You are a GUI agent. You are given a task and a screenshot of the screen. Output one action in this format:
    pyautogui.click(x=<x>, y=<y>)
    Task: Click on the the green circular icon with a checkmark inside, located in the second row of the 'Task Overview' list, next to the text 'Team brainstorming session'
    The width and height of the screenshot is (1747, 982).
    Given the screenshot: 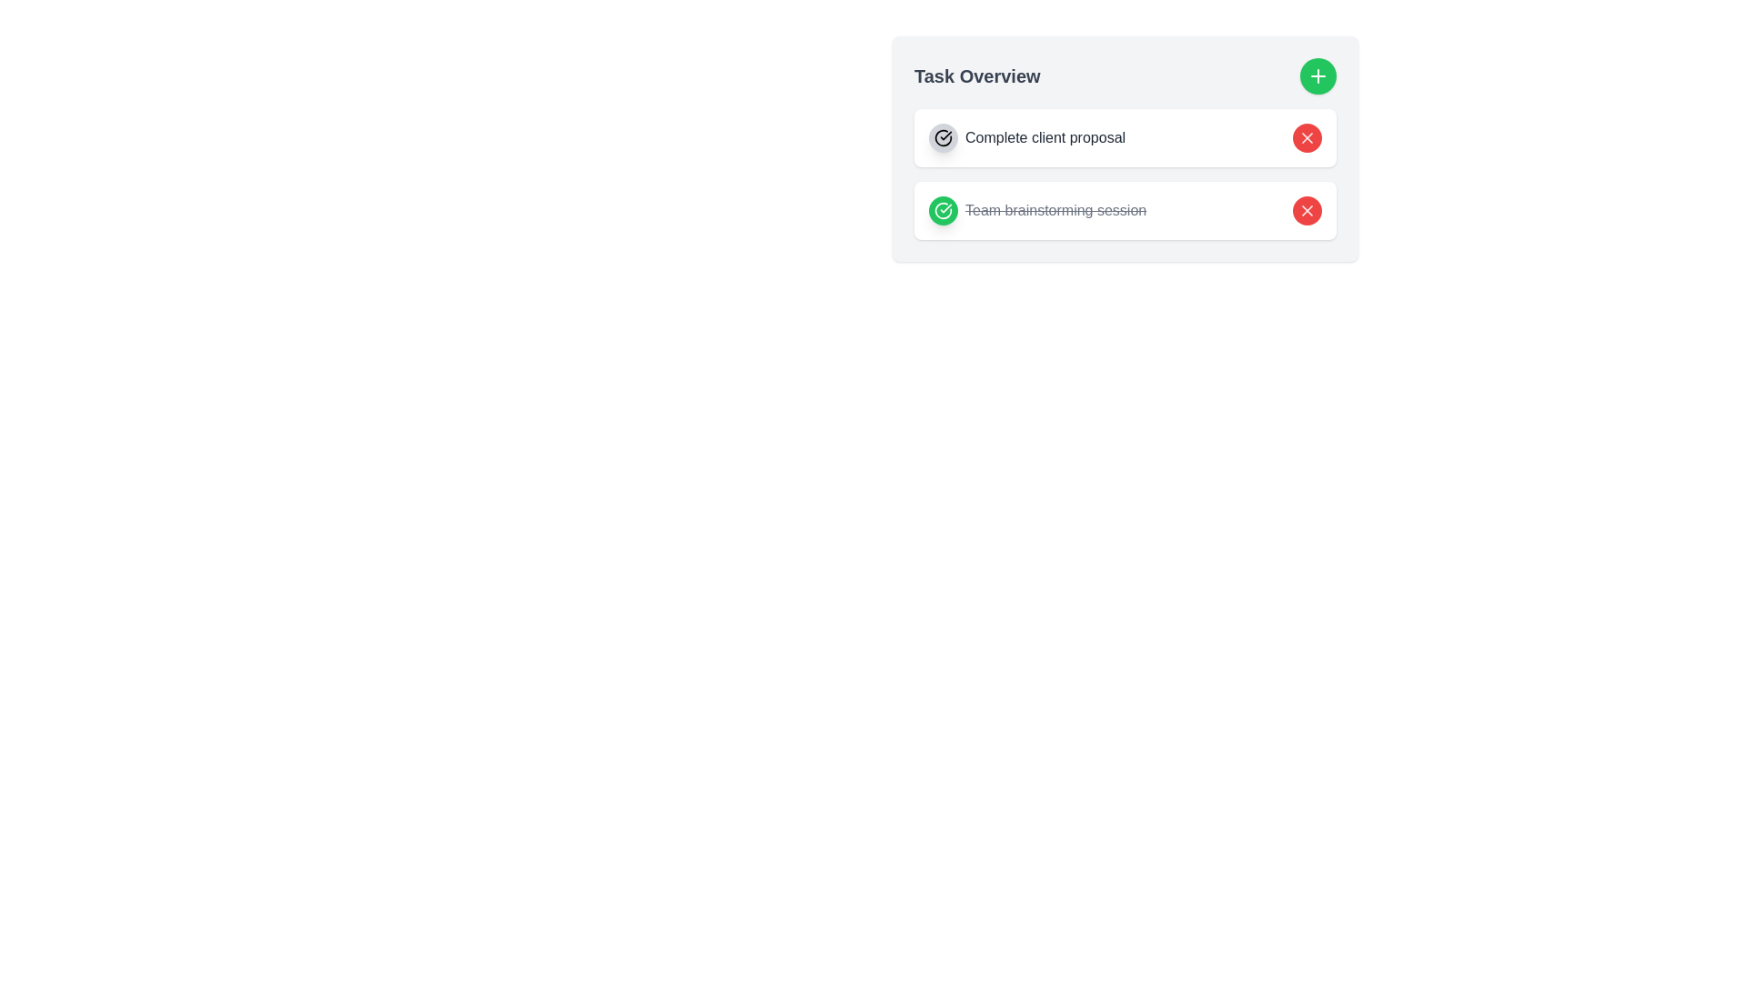 What is the action you would take?
    pyautogui.click(x=943, y=136)
    